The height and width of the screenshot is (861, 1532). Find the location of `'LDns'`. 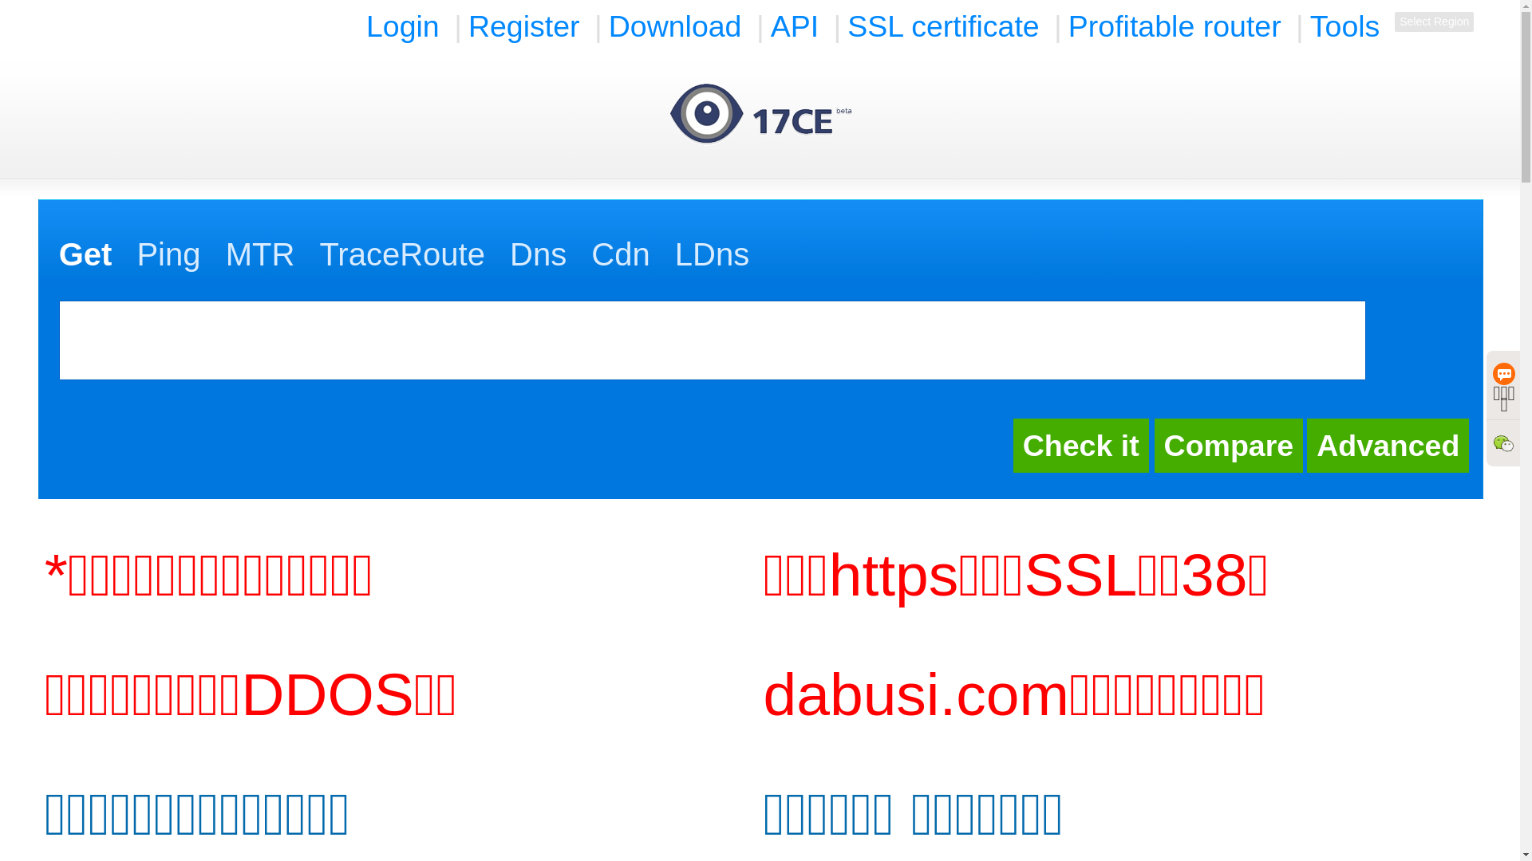

'LDns' is located at coordinates (674, 254).